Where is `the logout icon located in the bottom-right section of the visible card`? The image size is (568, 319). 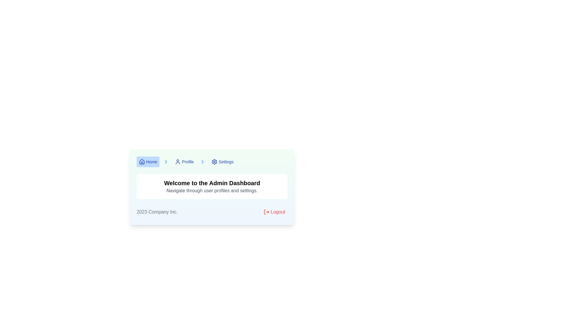 the logout icon located in the bottom-right section of the visible card is located at coordinates (266, 211).